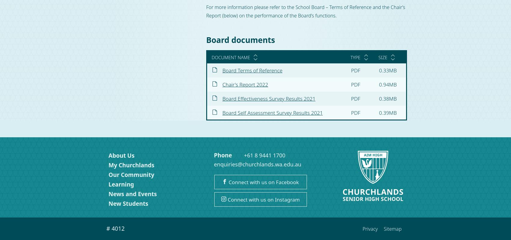 The width and height of the screenshot is (511, 240). I want to click on 'Sitemap', so click(392, 229).